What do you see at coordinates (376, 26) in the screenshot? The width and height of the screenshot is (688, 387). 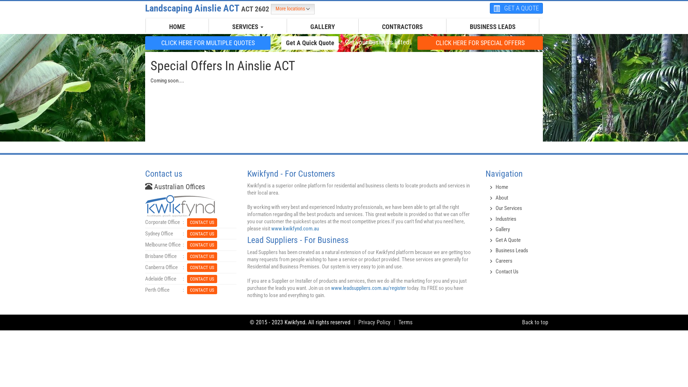 I see `'CONTRACTORS'` at bounding box center [376, 26].